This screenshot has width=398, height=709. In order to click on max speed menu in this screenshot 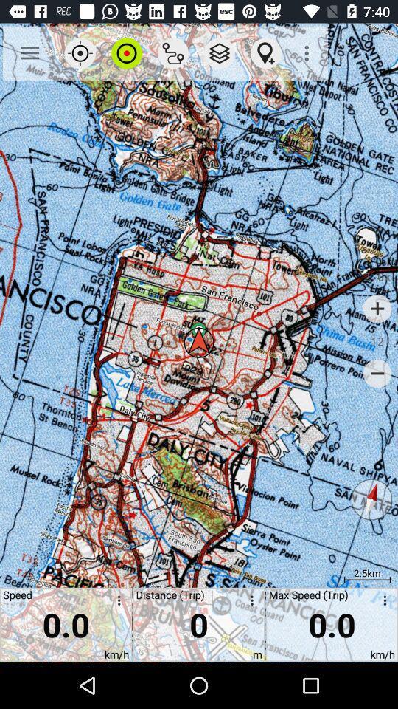, I will do `click(382, 603)`.